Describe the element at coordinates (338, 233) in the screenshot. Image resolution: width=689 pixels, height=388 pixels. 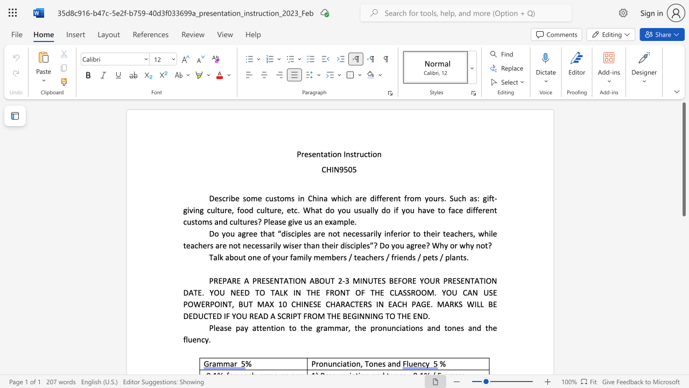
I see `the 3th character "t" in the text` at that location.